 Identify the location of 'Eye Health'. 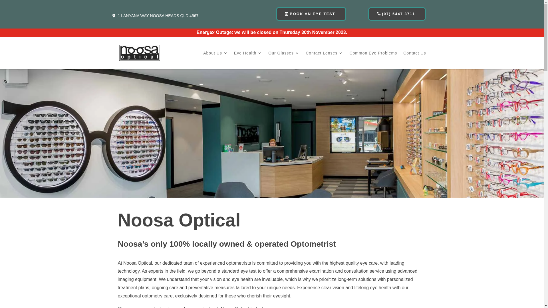
(234, 60).